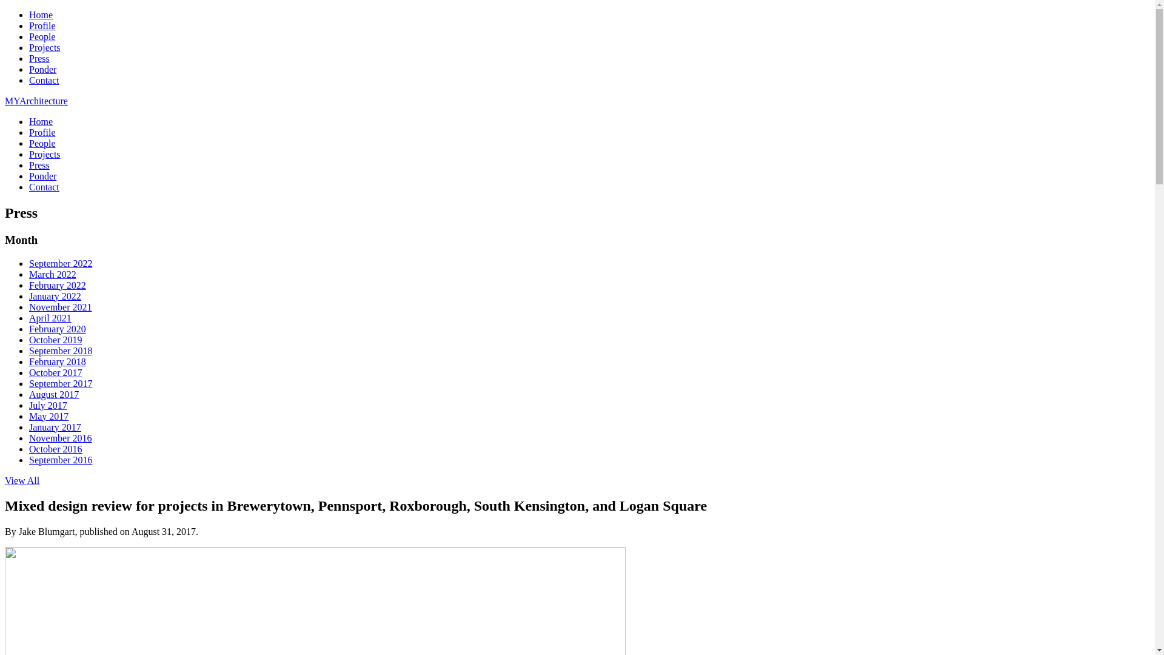 The height and width of the screenshot is (655, 1164). What do you see at coordinates (44, 80) in the screenshot?
I see `'Contact'` at bounding box center [44, 80].